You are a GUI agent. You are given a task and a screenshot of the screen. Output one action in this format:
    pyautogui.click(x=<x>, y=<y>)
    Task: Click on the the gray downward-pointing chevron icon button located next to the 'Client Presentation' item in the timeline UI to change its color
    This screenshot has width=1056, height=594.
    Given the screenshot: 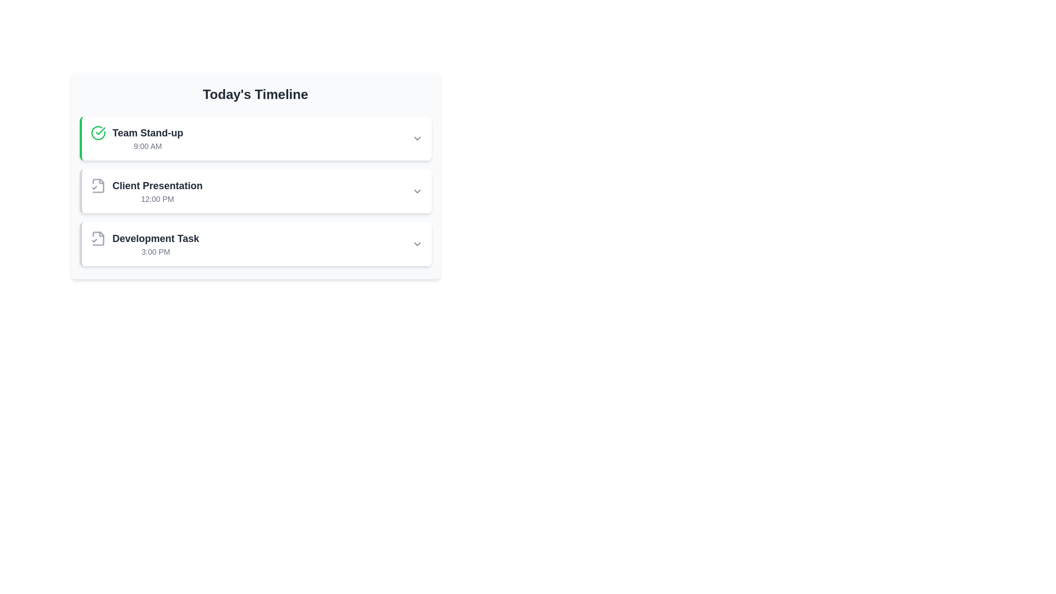 What is the action you would take?
    pyautogui.click(x=416, y=190)
    